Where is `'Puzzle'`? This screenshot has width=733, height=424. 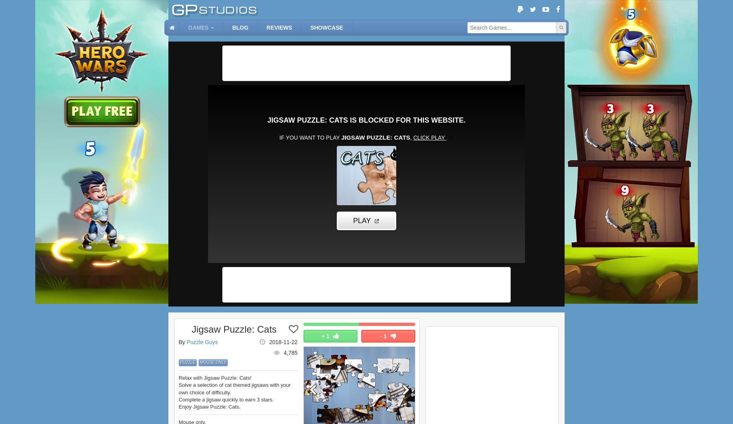
'Puzzle' is located at coordinates (187, 362).